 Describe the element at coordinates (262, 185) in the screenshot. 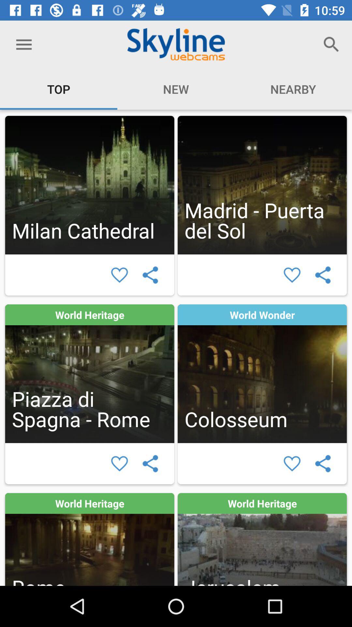

I see `image` at that location.